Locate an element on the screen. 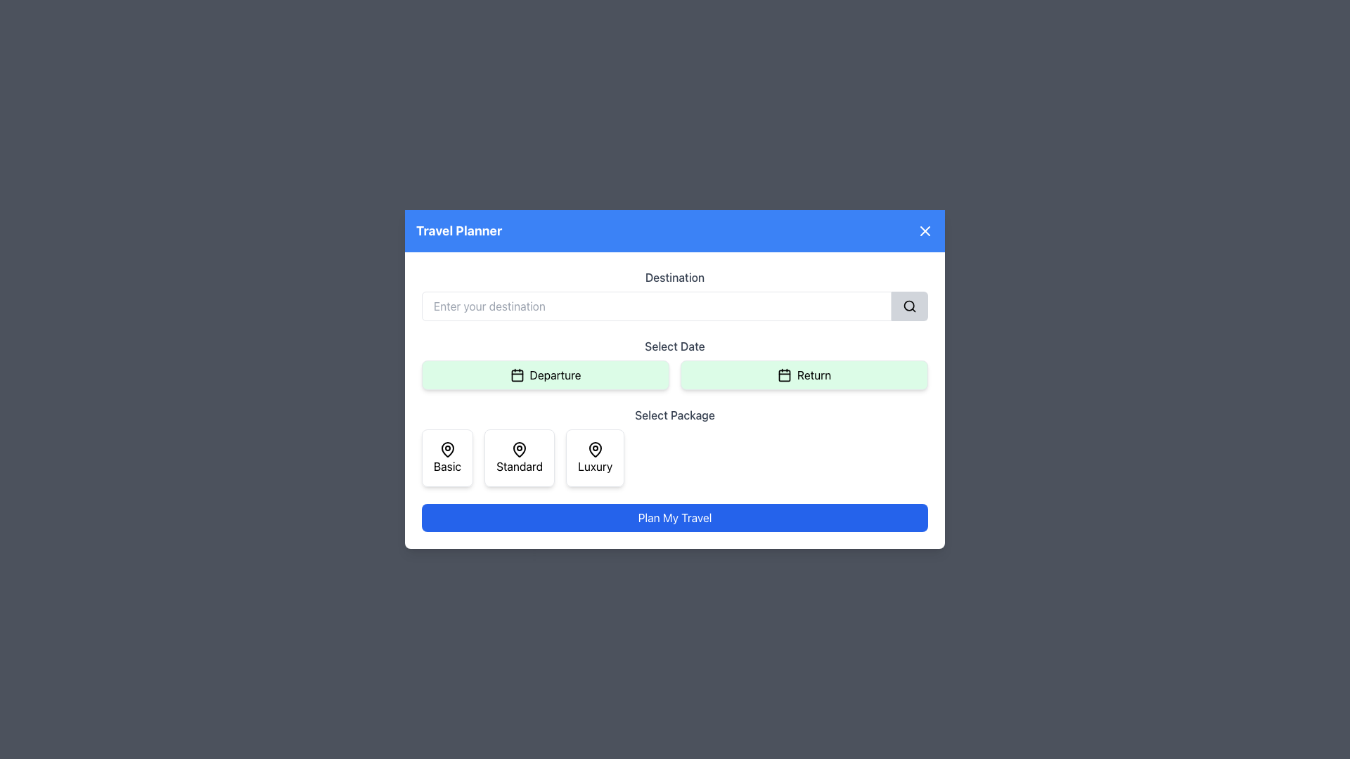 The height and width of the screenshot is (759, 1350). the calendar icon located to the left of the 'Return' button in the 'Select Date' section is located at coordinates (783, 374).